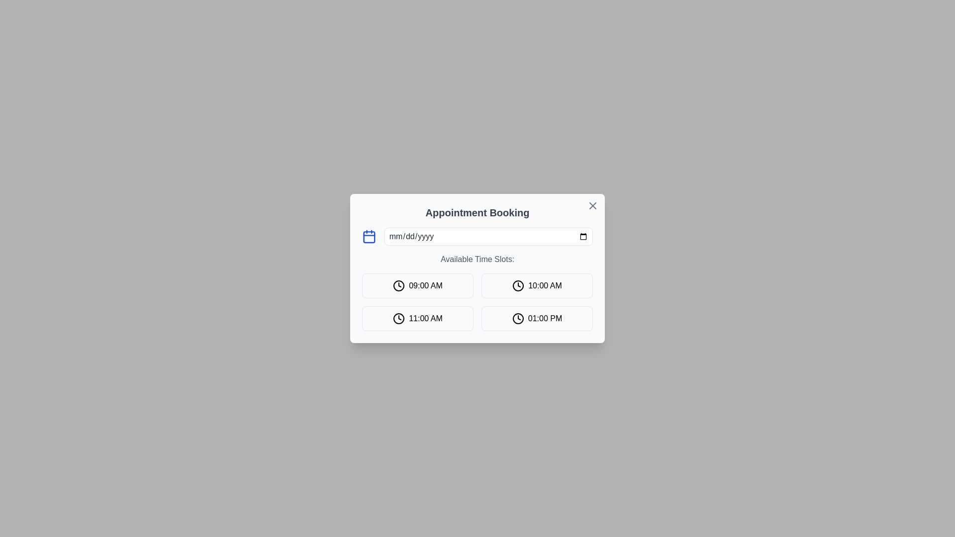 The height and width of the screenshot is (537, 955). Describe the element at coordinates (477, 302) in the screenshot. I see `one of the interactive button-like cells representing time options in the 'Available Time Slots' section` at that location.